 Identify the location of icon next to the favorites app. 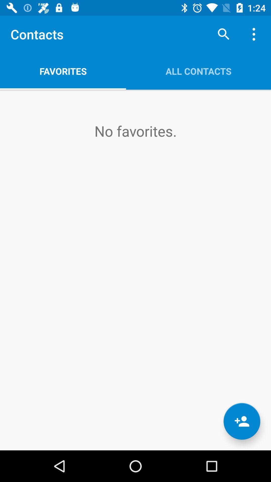
(198, 71).